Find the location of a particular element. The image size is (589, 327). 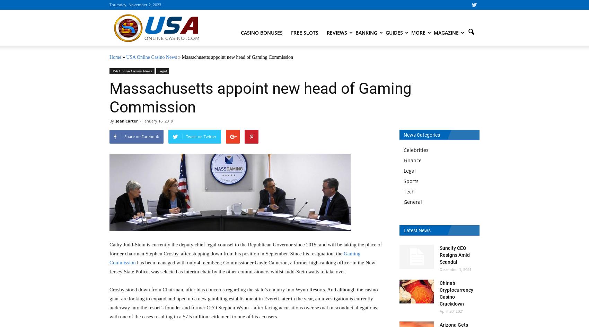

'-' is located at coordinates (140, 120).